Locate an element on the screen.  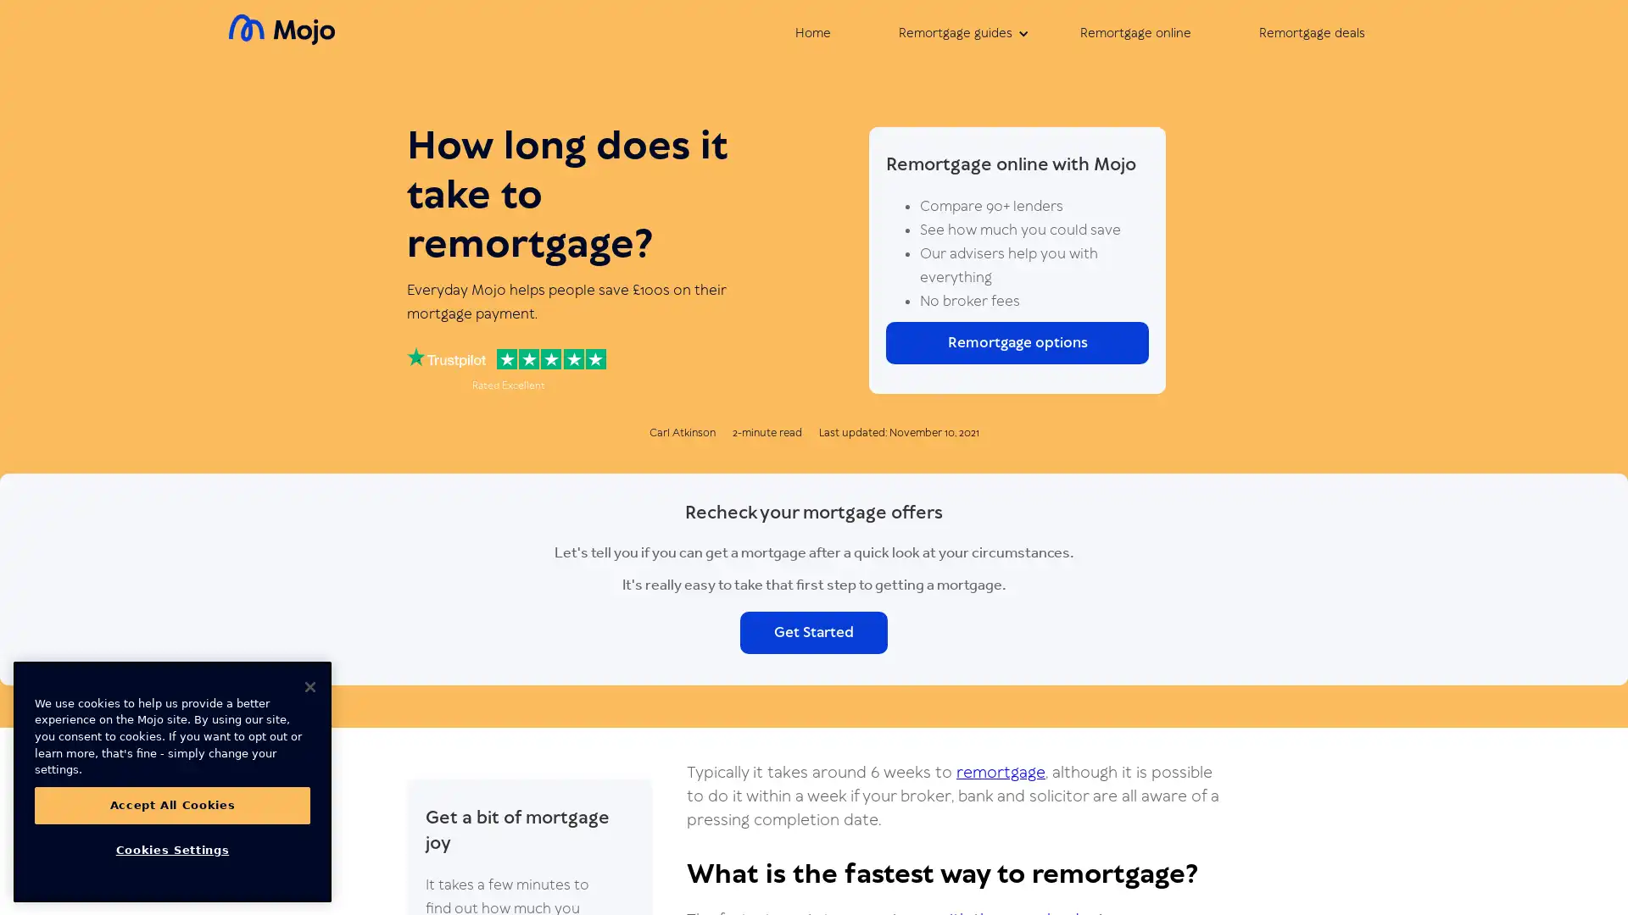
Cookies Settings is located at coordinates (172, 849).